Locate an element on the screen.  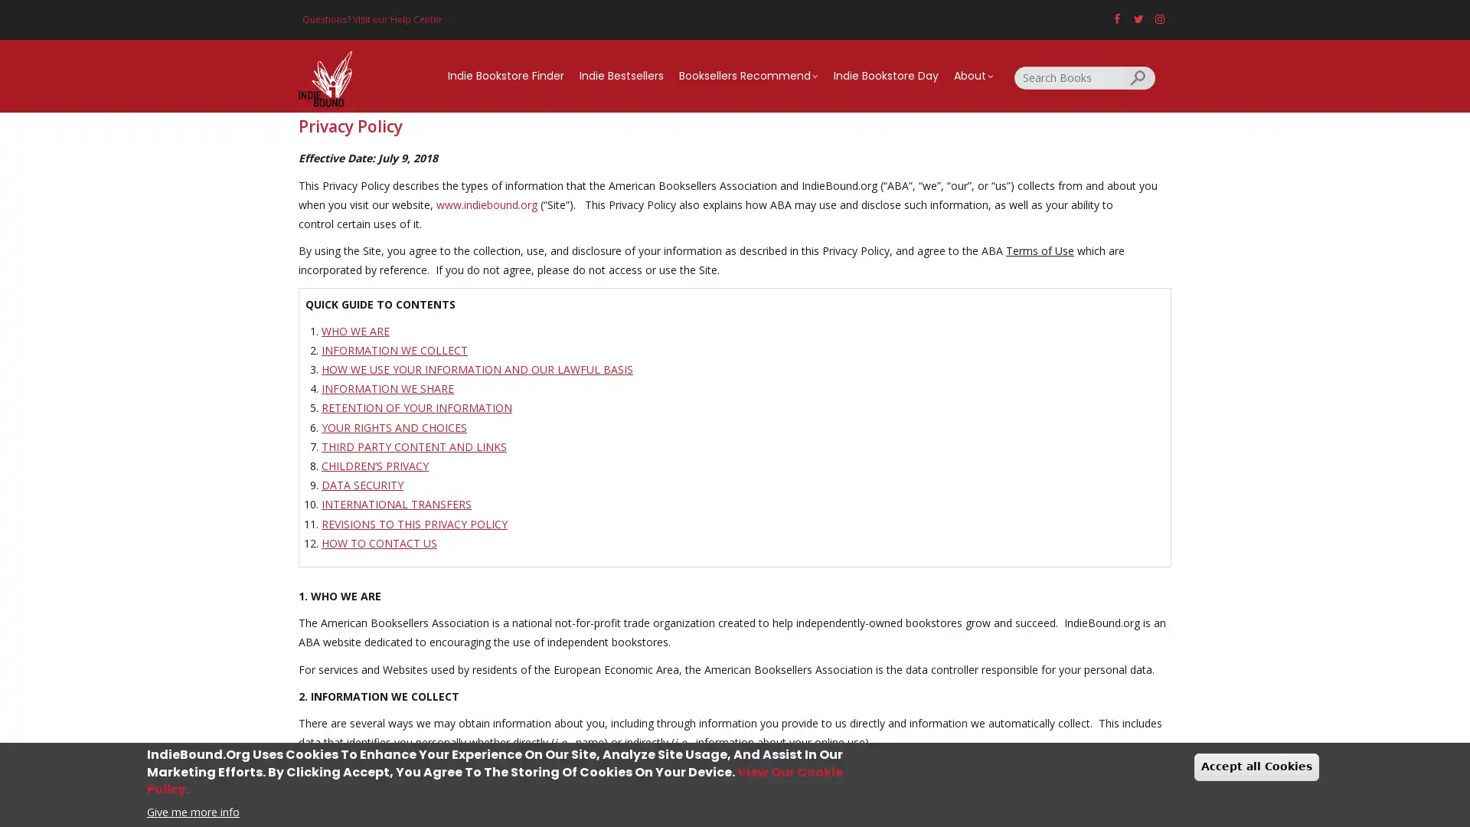
Search is located at coordinates (1139, 77).